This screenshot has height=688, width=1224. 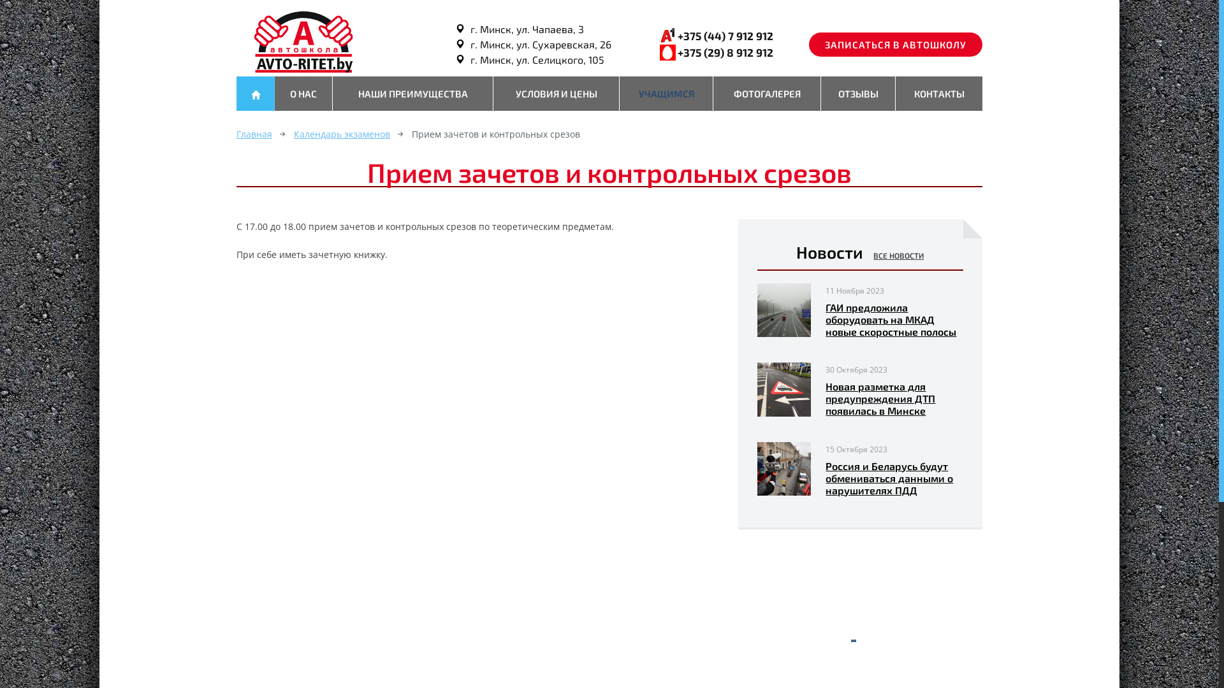 I want to click on '+375 (29) 8 912 912', so click(x=676, y=51).